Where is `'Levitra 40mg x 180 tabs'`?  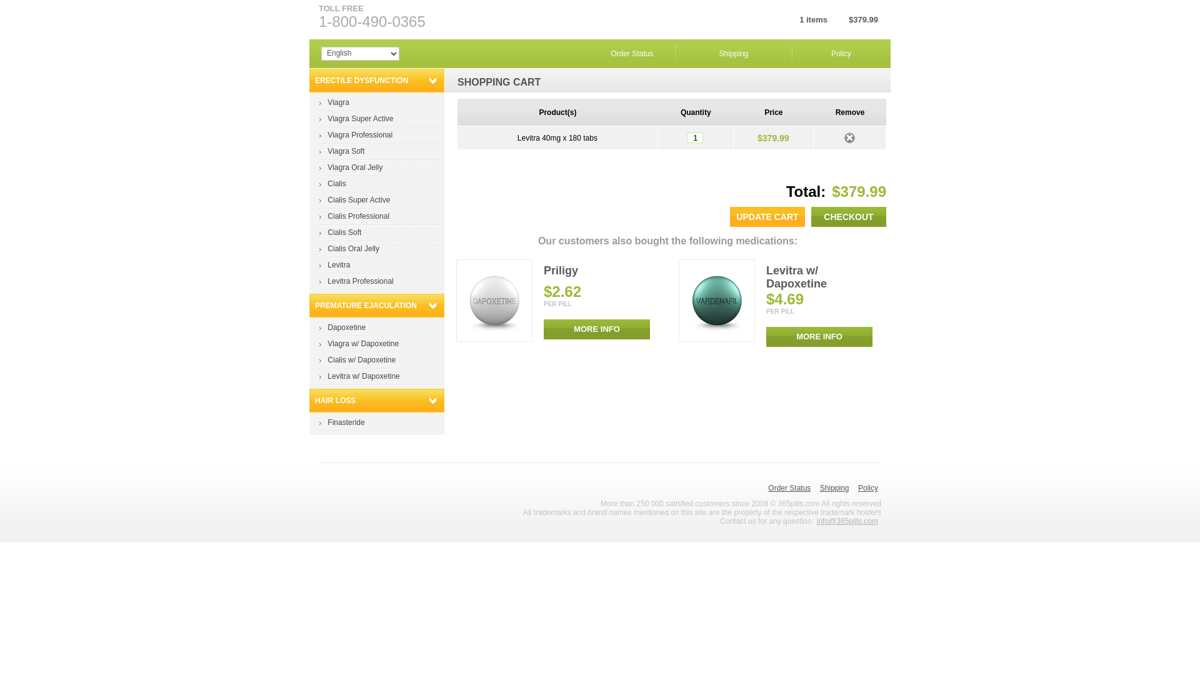 'Levitra 40mg x 180 tabs' is located at coordinates (557, 137).